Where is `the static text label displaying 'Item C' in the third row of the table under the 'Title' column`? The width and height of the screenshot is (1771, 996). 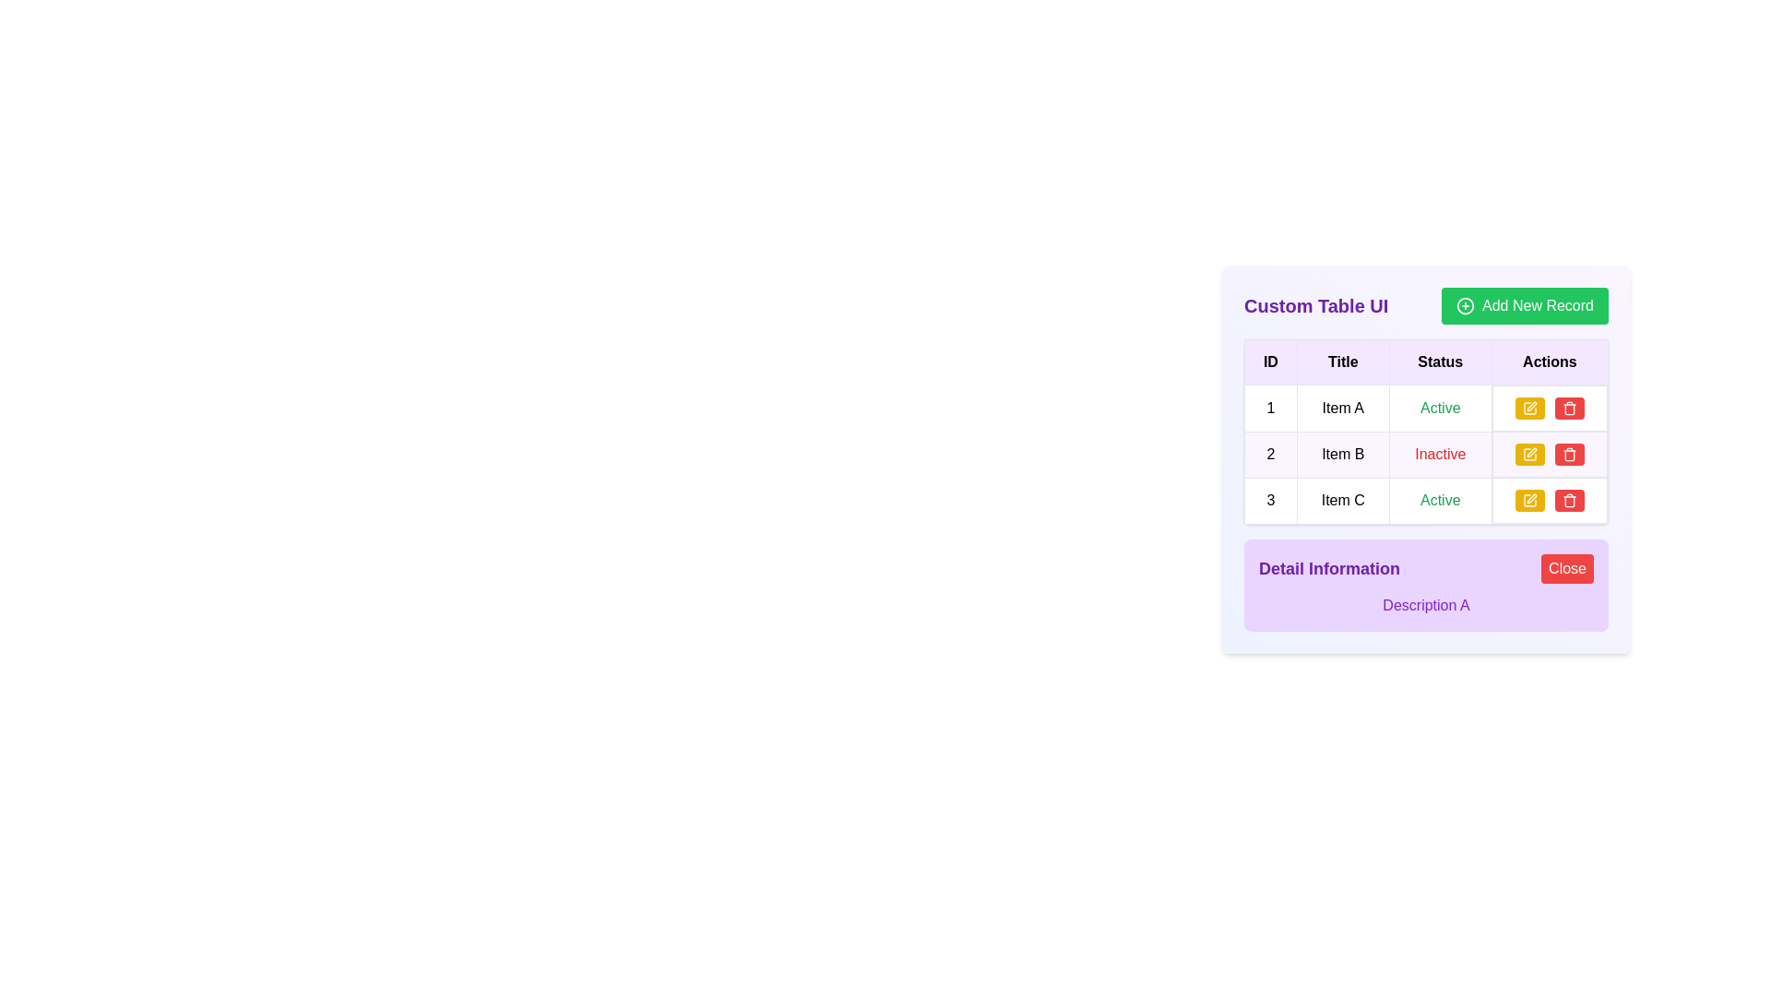
the static text label displaying 'Item C' in the third row of the table under the 'Title' column is located at coordinates (1343, 501).